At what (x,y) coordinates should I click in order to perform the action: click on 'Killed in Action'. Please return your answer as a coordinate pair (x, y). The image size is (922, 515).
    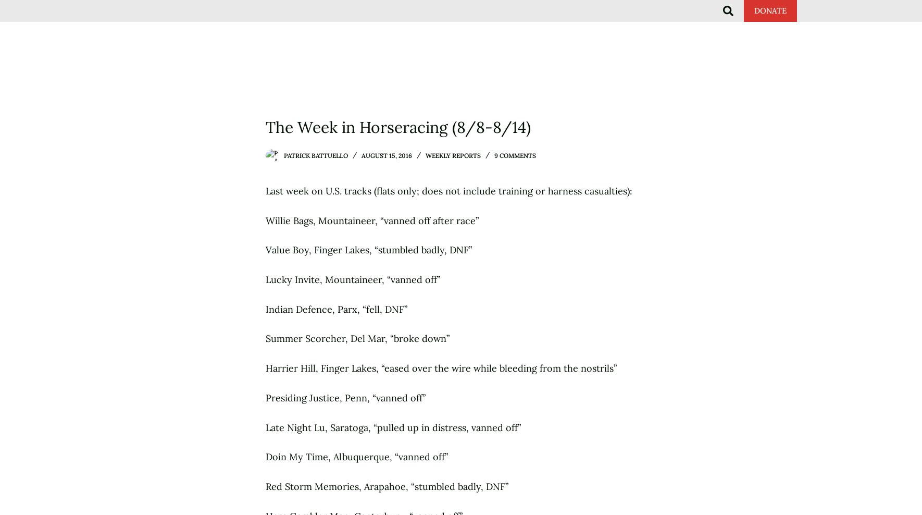
    Looking at the image, I should click on (507, 21).